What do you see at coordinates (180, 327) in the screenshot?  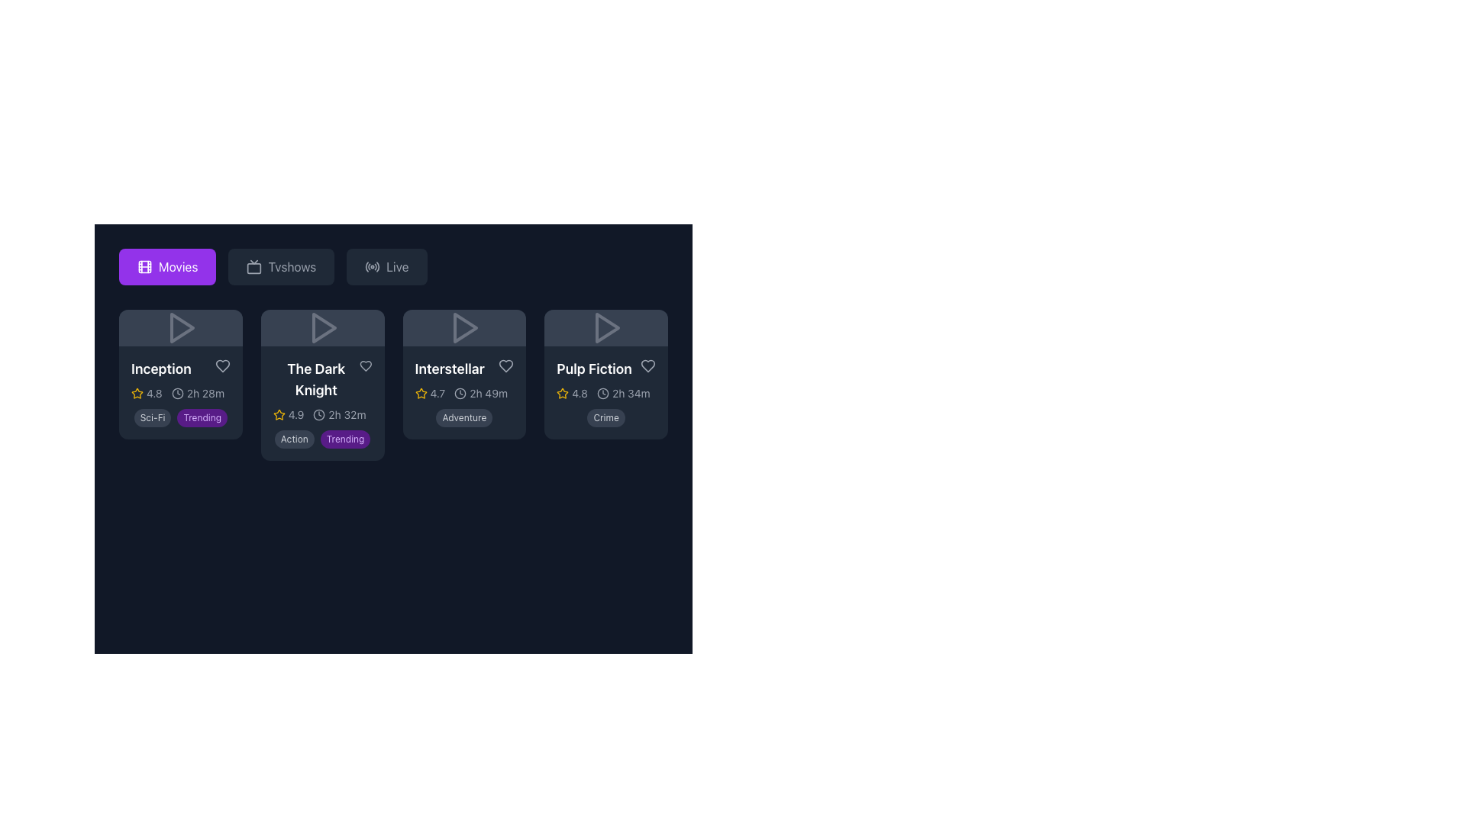 I see `the triangular play icon on the top-left card in the movie grid layout, which is styled with a gray color that changes to purple on hover and is located above the text 'Inception'` at bounding box center [180, 327].